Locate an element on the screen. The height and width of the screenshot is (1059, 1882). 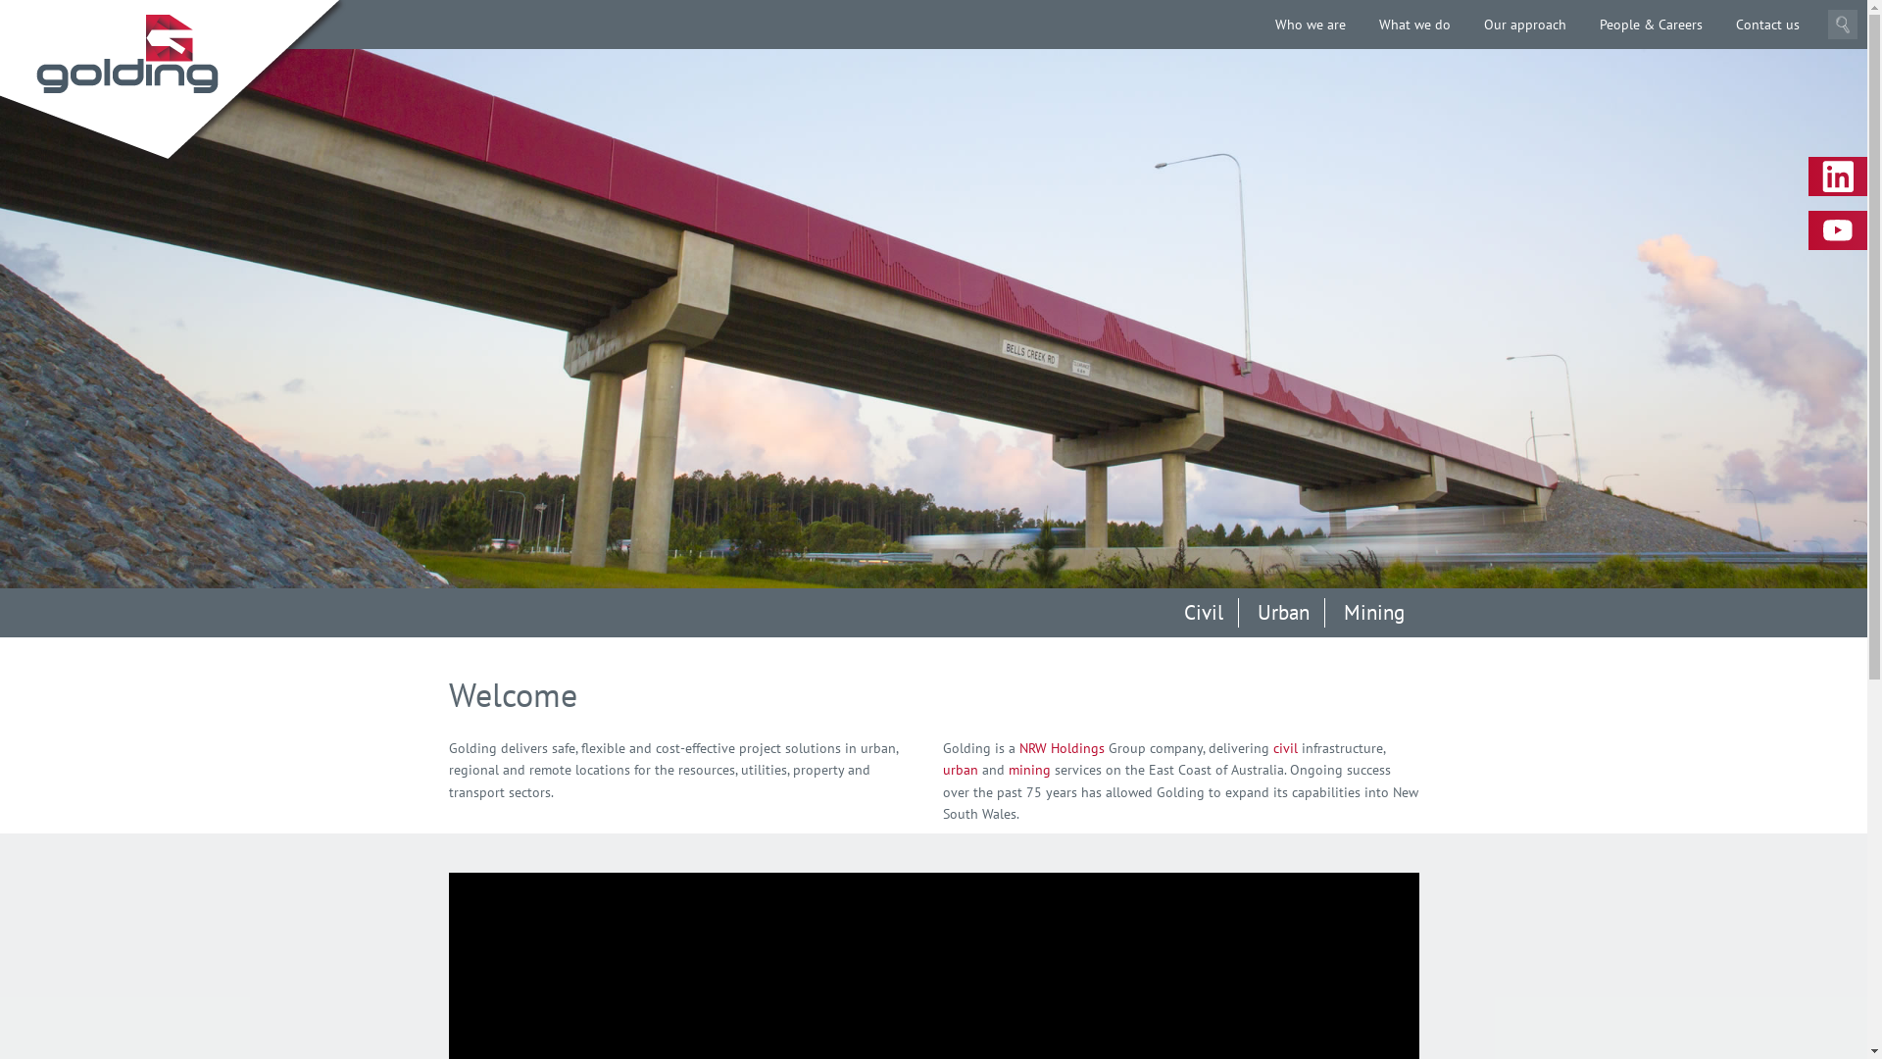
'Who we are' is located at coordinates (1311, 24).